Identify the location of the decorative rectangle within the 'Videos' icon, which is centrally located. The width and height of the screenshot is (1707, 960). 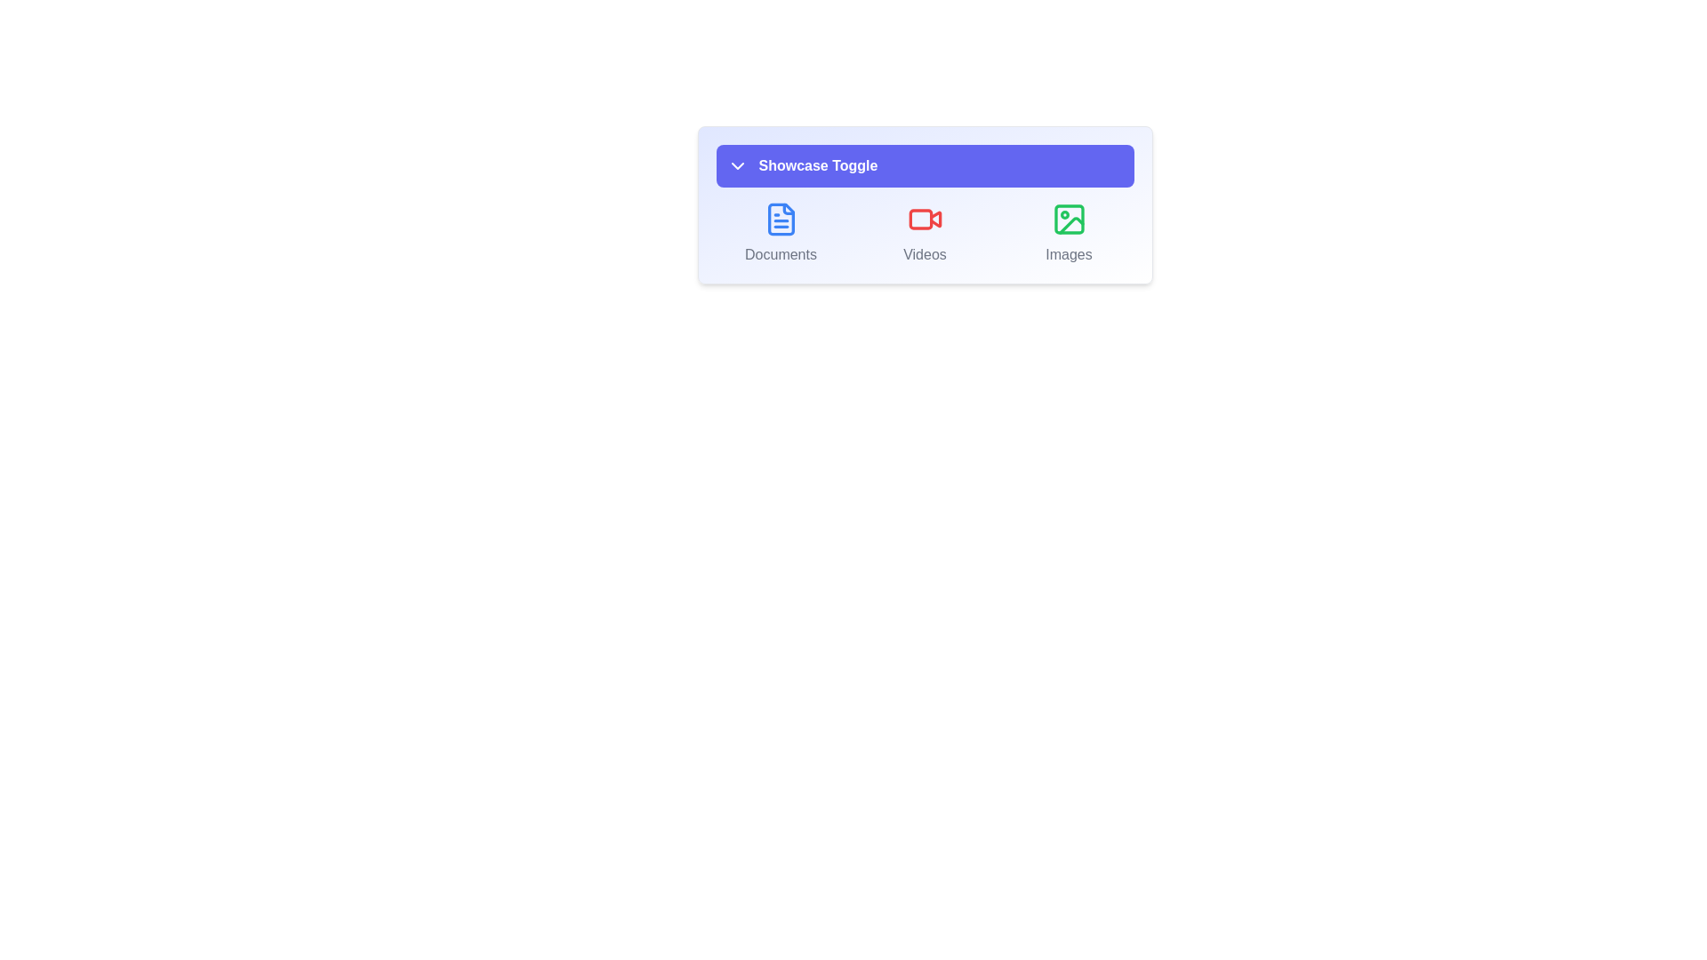
(920, 218).